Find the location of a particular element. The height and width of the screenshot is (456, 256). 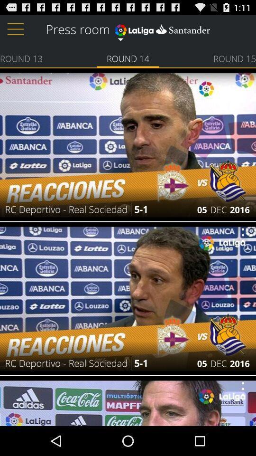

app to the right of round 14 is located at coordinates (234, 57).